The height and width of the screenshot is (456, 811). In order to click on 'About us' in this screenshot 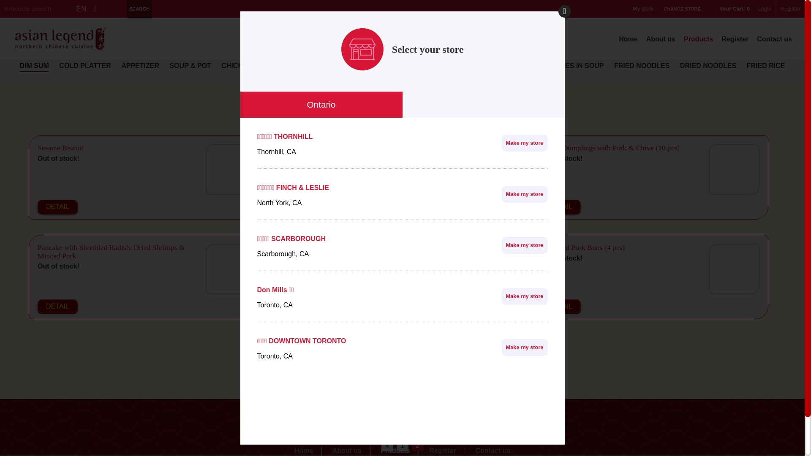, I will do `click(646, 39)`.